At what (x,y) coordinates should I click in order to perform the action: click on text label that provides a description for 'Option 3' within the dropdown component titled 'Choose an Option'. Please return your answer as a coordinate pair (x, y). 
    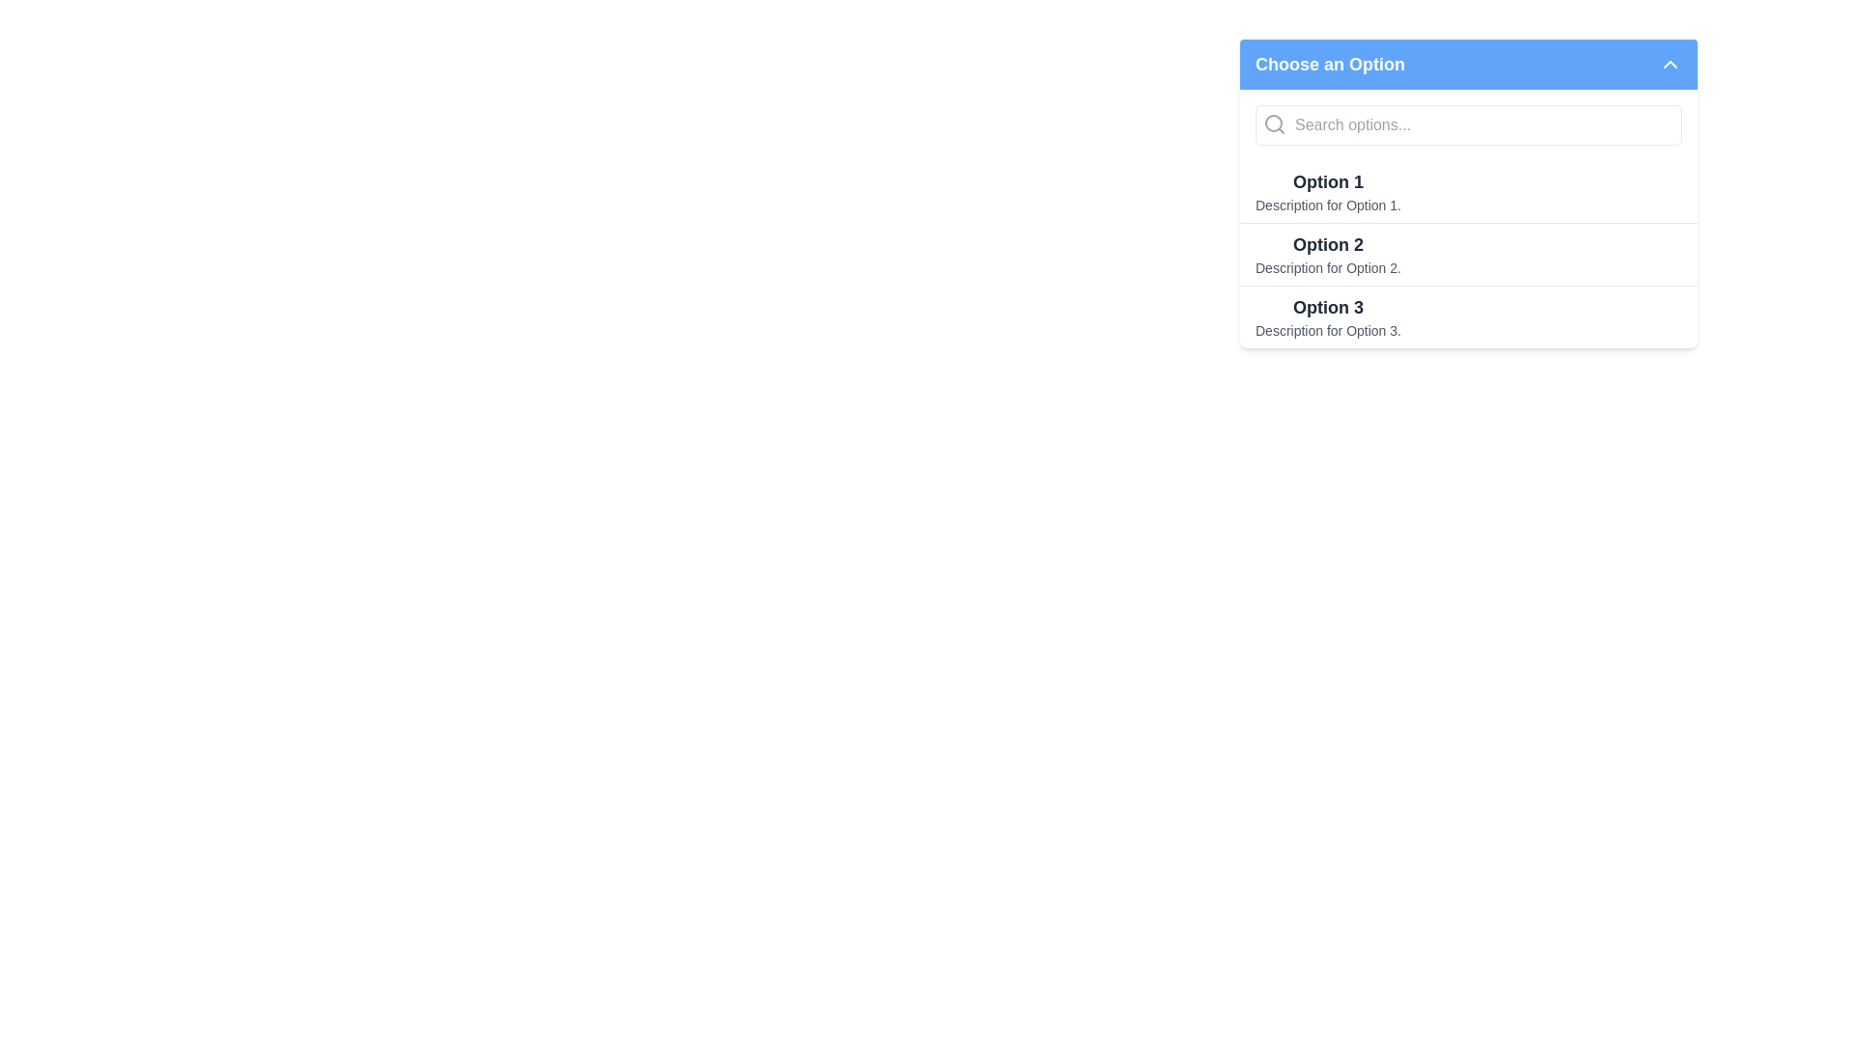
    Looking at the image, I should click on (1327, 330).